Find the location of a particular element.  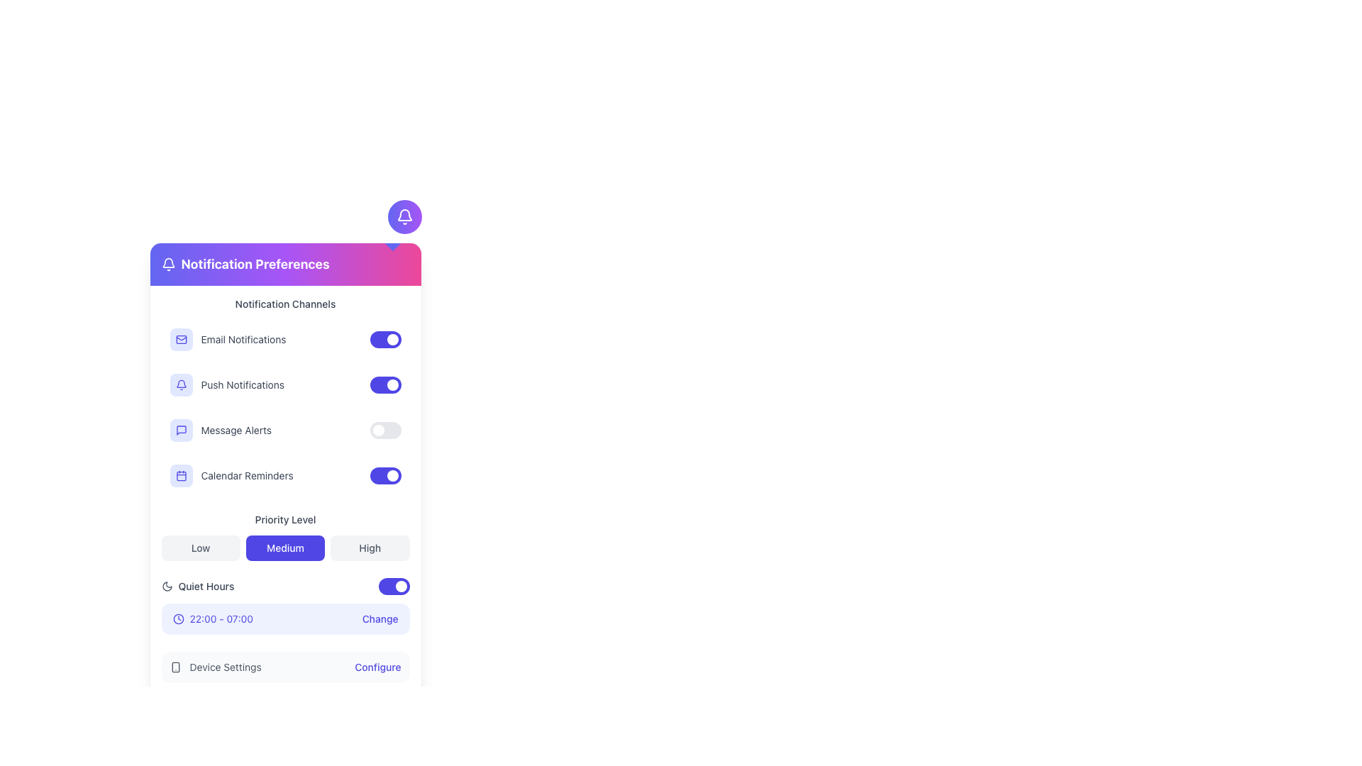

the 'Calendar Reminders' option in the 'Notification Preferences' section is located at coordinates (231, 476).